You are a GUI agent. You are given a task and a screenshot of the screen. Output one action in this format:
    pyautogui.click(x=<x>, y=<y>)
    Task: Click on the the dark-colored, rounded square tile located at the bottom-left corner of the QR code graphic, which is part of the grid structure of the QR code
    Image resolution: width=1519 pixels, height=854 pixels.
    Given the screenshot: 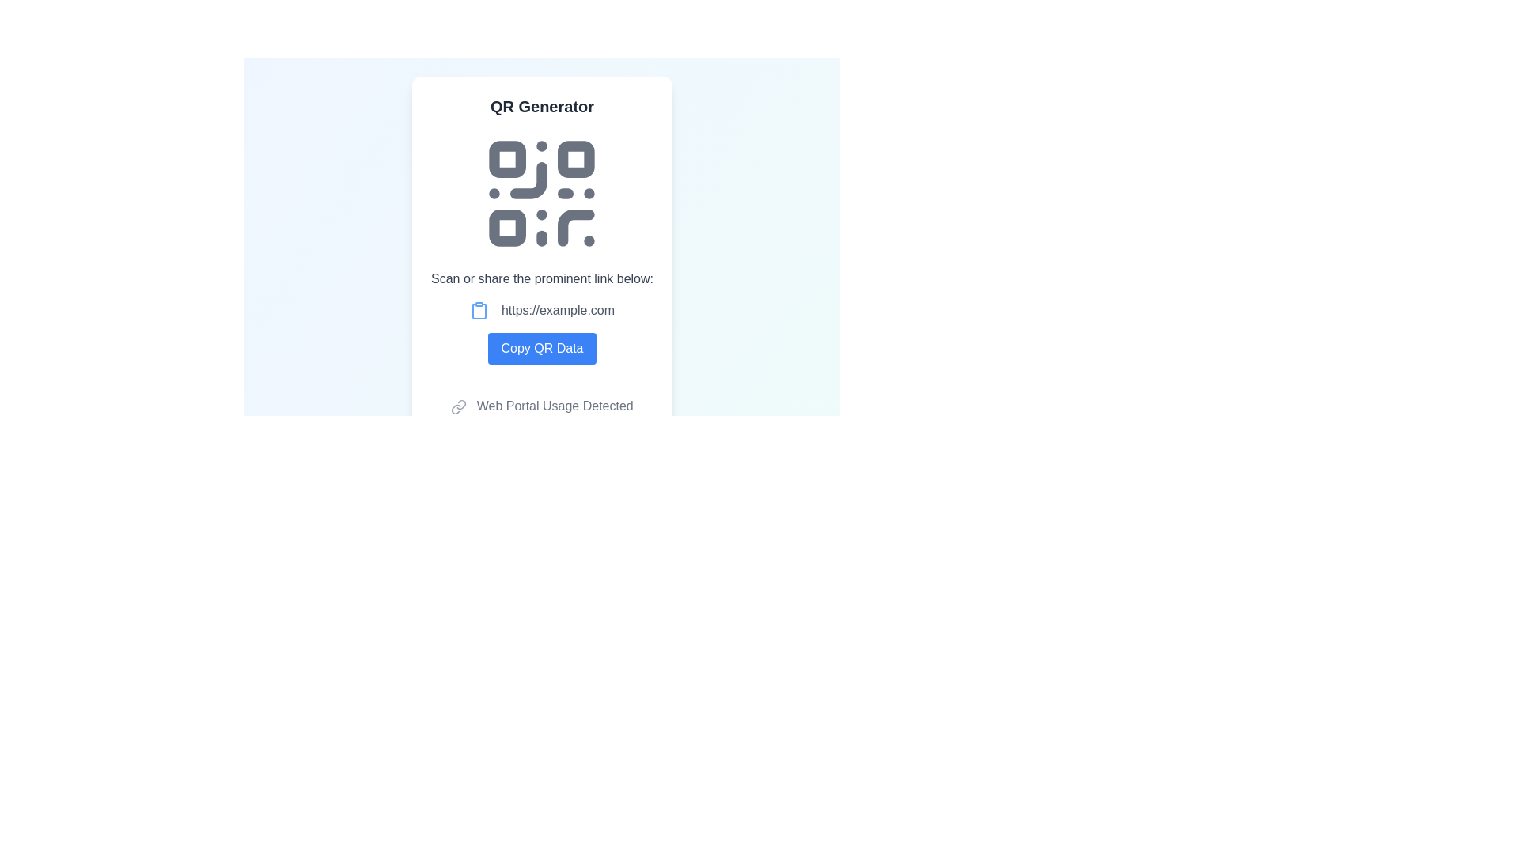 What is the action you would take?
    pyautogui.click(x=508, y=228)
    